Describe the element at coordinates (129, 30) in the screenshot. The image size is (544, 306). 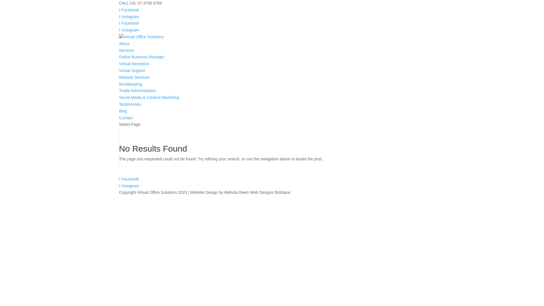
I see `'Instagram'` at that location.